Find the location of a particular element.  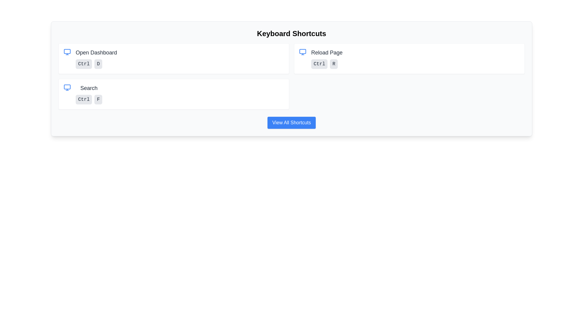

the inner rounded rectangle of the monitor icon in the top-right section of the 'Keyboard Shortcuts' interface, aligned with the label 'Reload Page' is located at coordinates (302, 51).